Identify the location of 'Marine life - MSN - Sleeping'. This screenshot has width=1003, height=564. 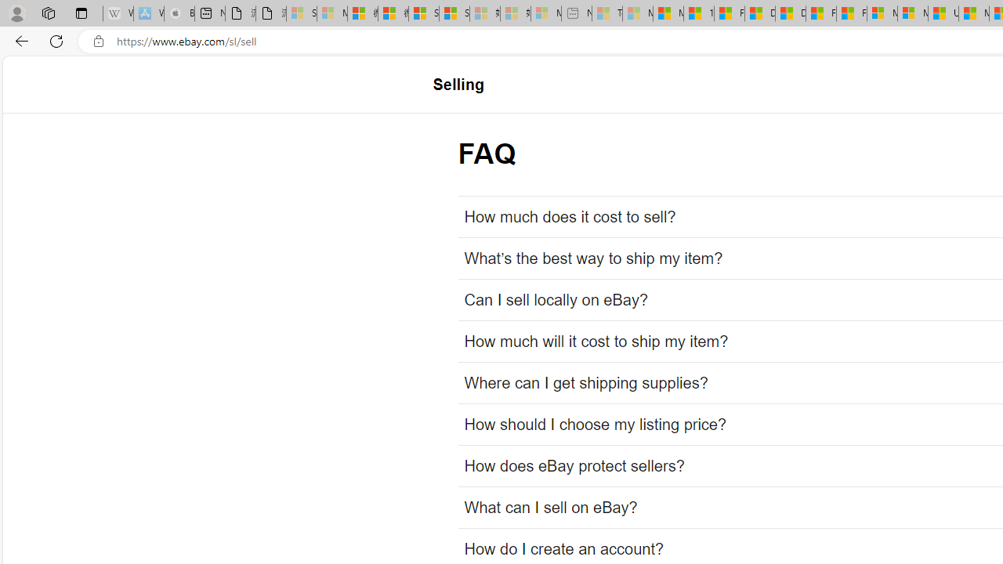
(638, 13).